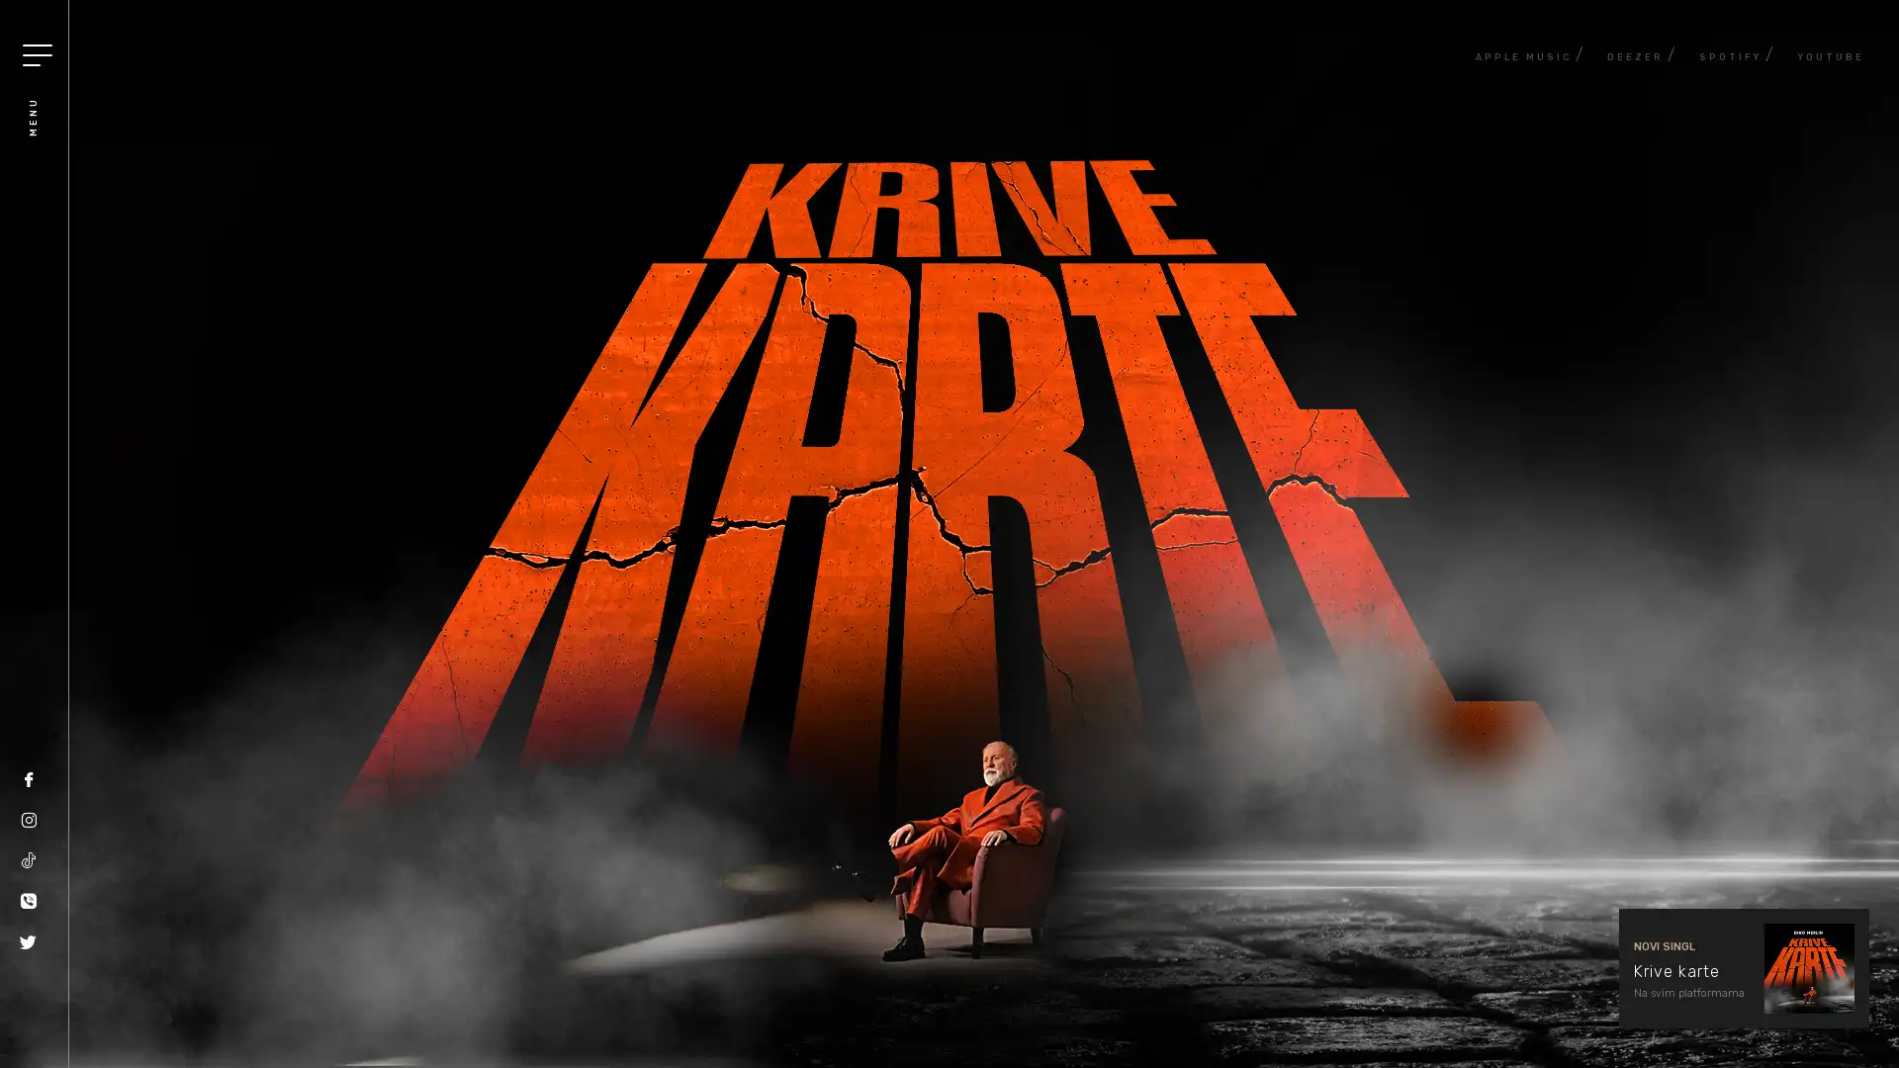 Image resolution: width=1899 pixels, height=1068 pixels. What do you see at coordinates (38, 54) in the screenshot?
I see `Toggle navigation` at bounding box center [38, 54].